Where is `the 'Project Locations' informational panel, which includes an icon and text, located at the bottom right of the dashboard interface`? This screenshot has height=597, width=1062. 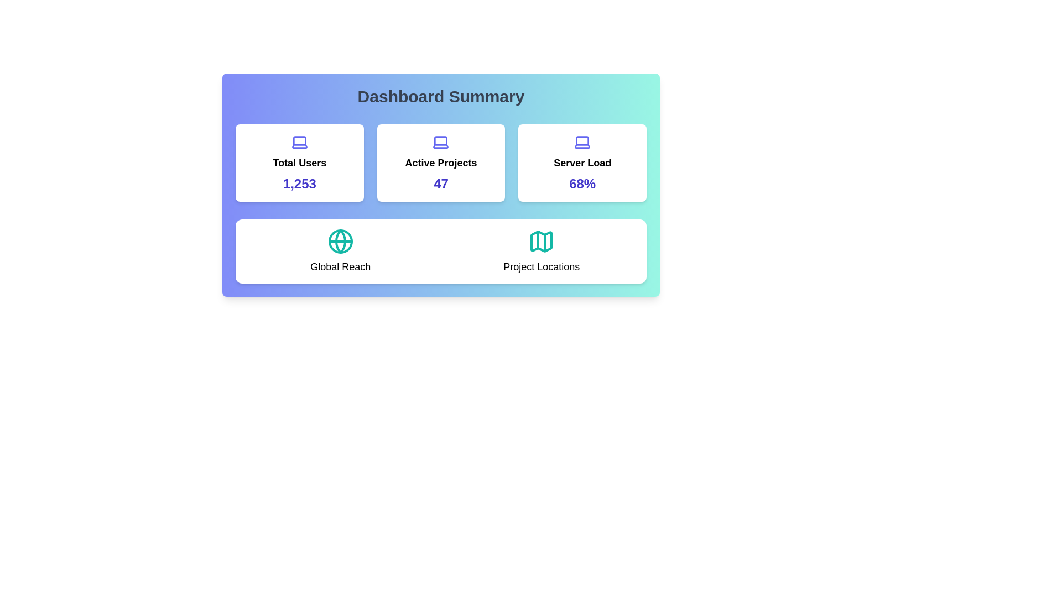
the 'Project Locations' informational panel, which includes an icon and text, located at the bottom right of the dashboard interface is located at coordinates (542, 252).